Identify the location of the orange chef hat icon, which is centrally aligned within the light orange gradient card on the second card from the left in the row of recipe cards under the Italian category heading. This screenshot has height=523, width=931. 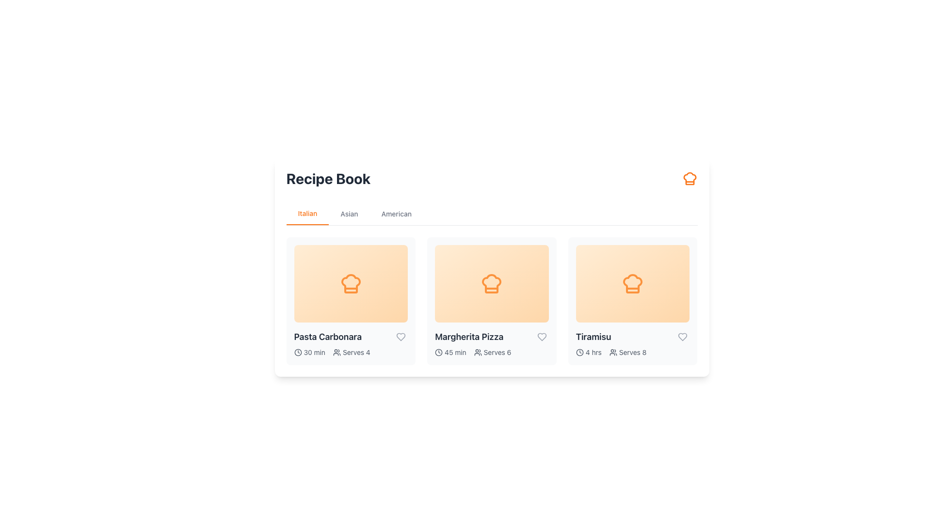
(492, 283).